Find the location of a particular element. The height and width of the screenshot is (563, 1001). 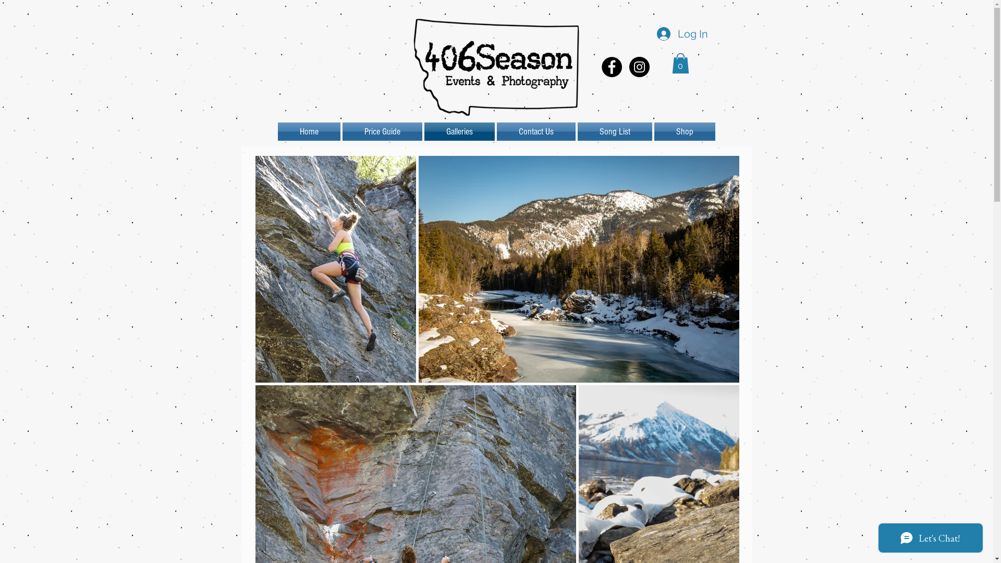

'Song List' is located at coordinates (615, 131).